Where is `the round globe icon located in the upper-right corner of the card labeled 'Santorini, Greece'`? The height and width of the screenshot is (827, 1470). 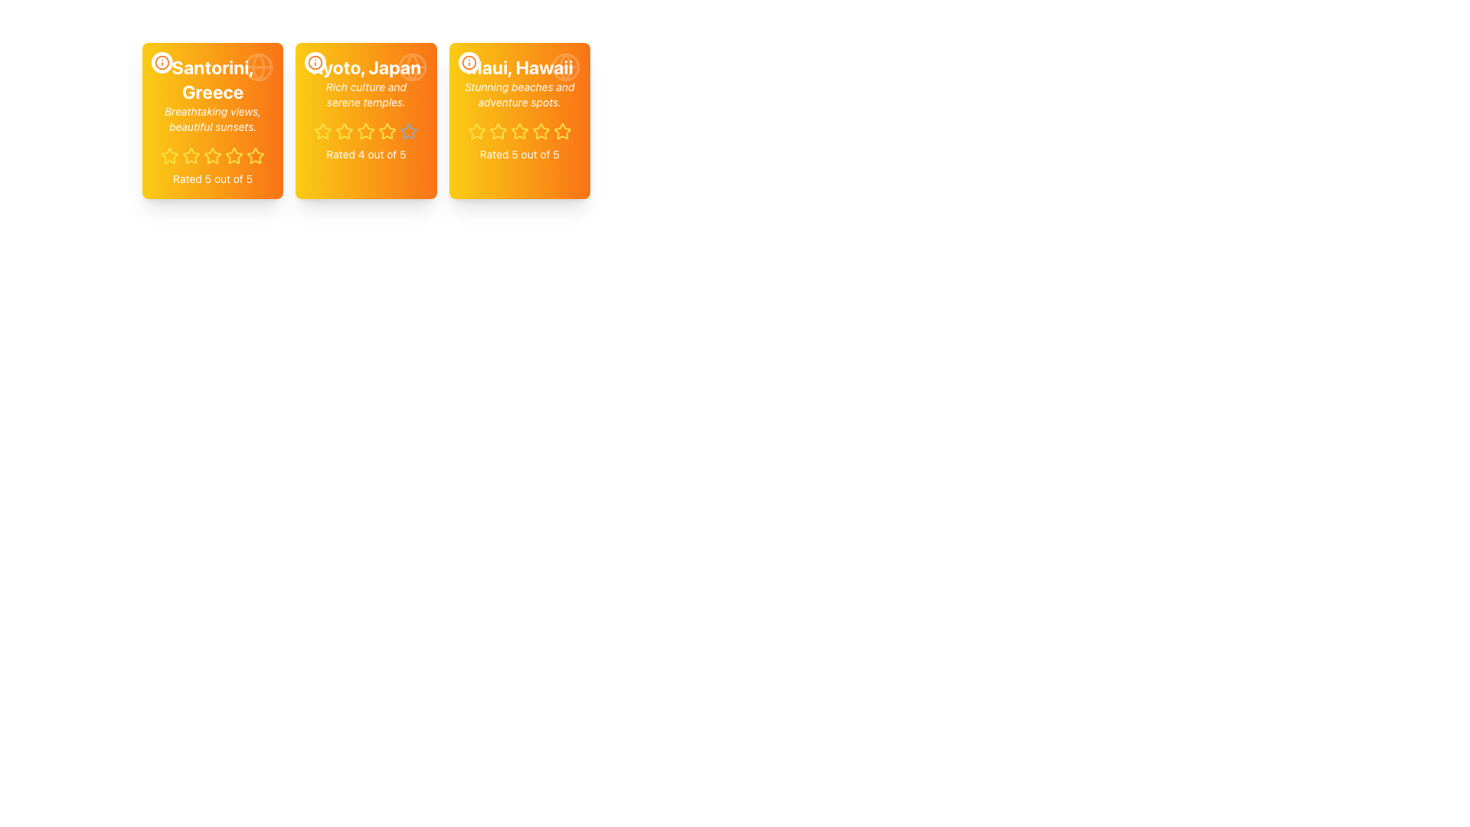
the round globe icon located in the upper-right corner of the card labeled 'Santorini, Greece' is located at coordinates (259, 67).